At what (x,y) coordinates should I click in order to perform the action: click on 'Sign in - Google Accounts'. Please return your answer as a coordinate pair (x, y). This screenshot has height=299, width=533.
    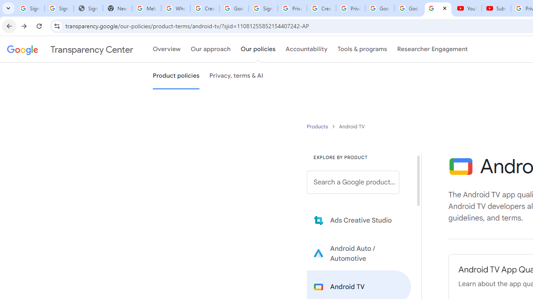
    Looking at the image, I should click on (262, 8).